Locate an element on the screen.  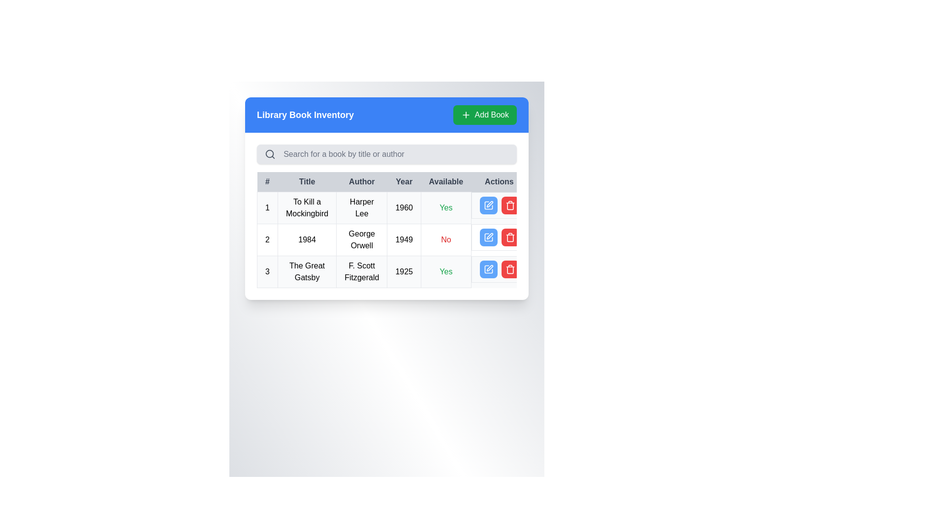
the left edge of the stylized square in the SVG icon located in the 'Actions' column of the third row under 'The Great Gatsby' is located at coordinates (488, 205).